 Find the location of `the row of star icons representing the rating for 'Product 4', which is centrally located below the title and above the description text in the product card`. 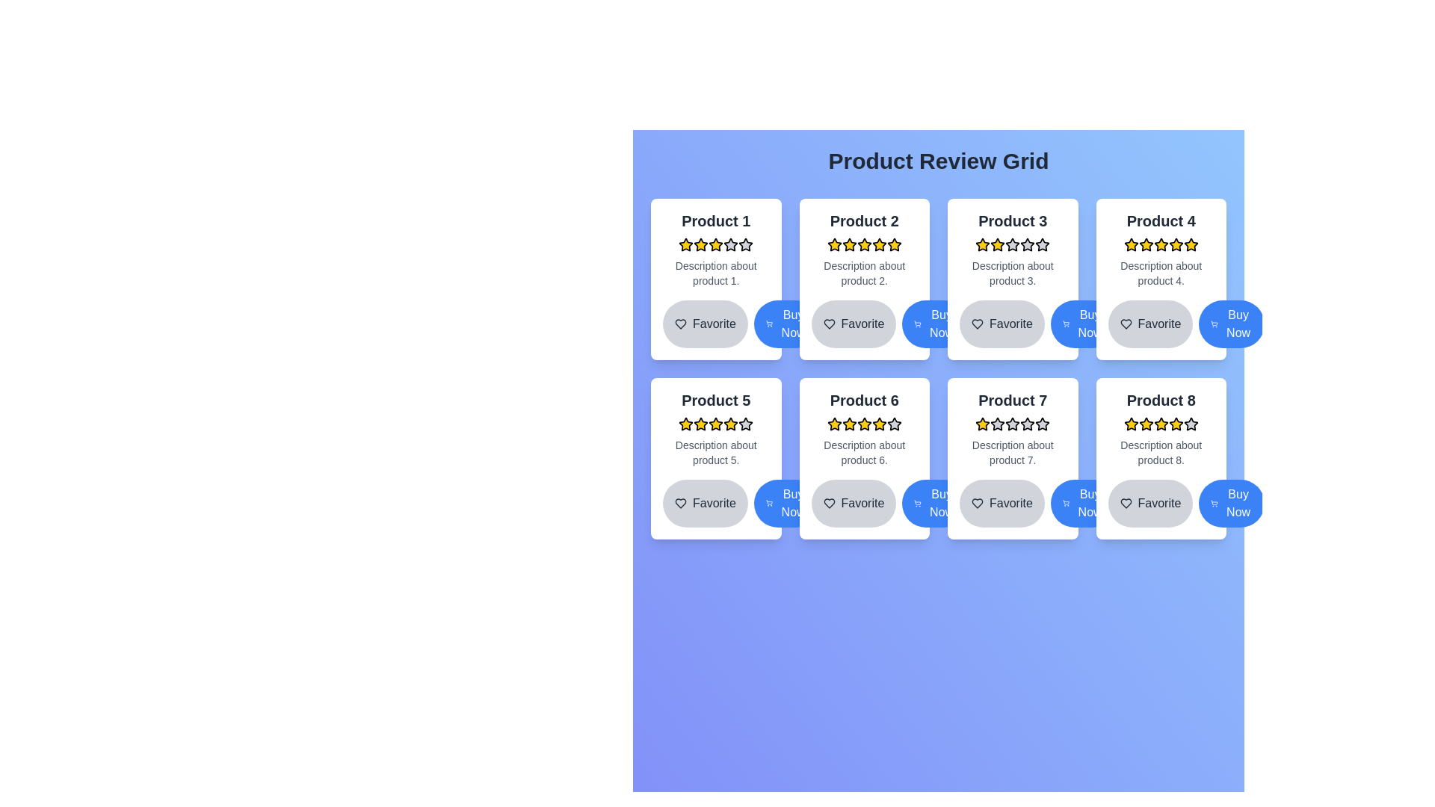

the row of star icons representing the rating for 'Product 4', which is centrally located below the title and above the description text in the product card is located at coordinates (1160, 244).